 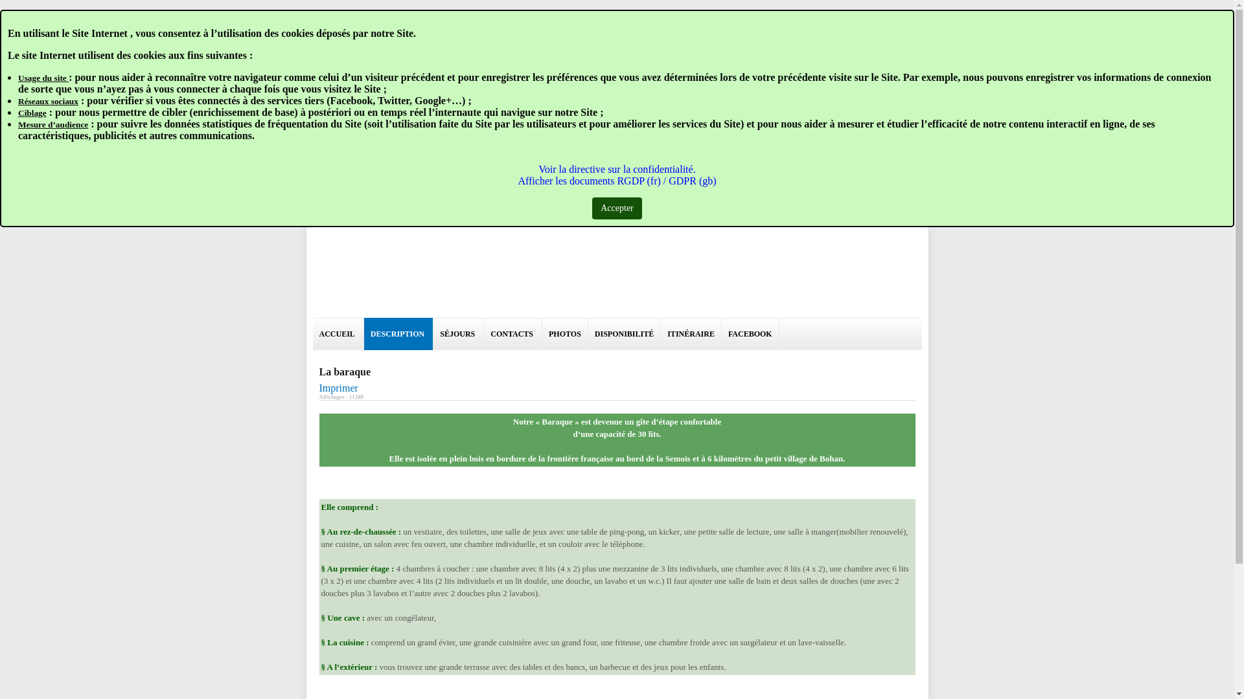 I want to click on 'ACCUEIL', so click(x=312, y=333).